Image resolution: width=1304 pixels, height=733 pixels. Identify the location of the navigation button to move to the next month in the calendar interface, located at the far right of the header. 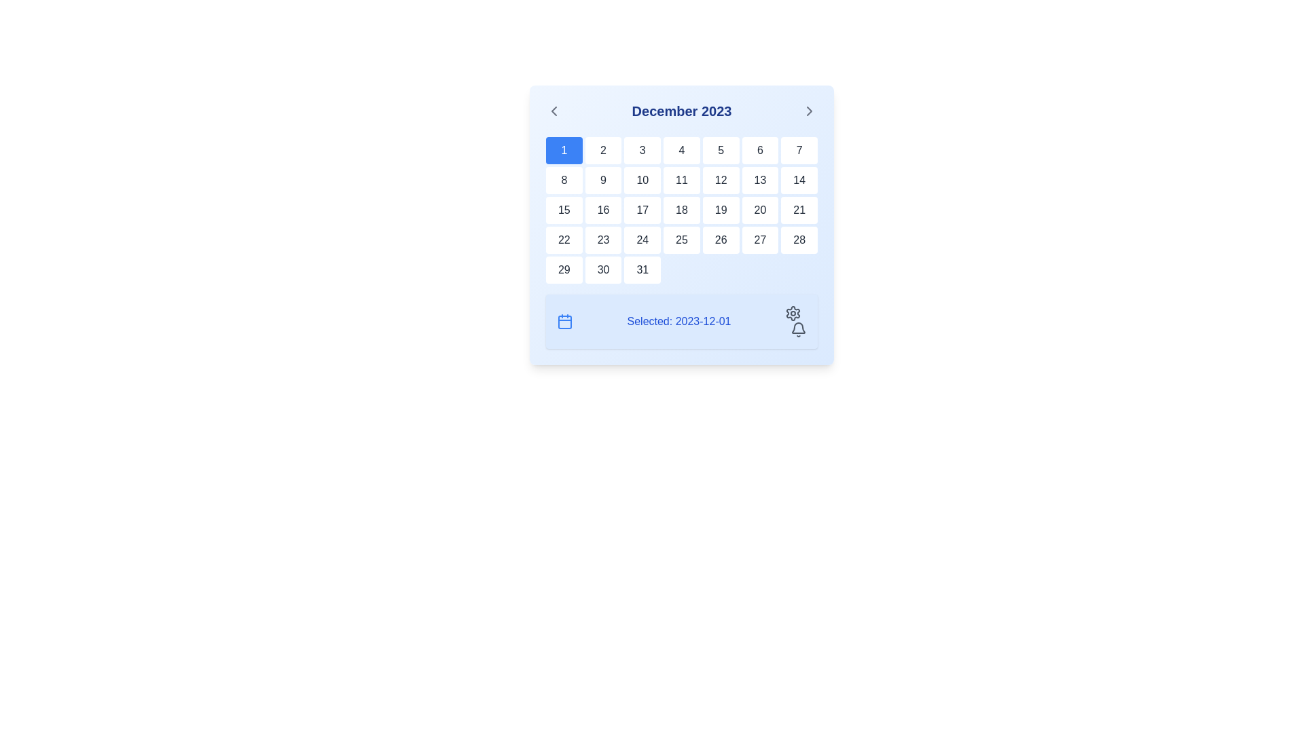
(809, 111).